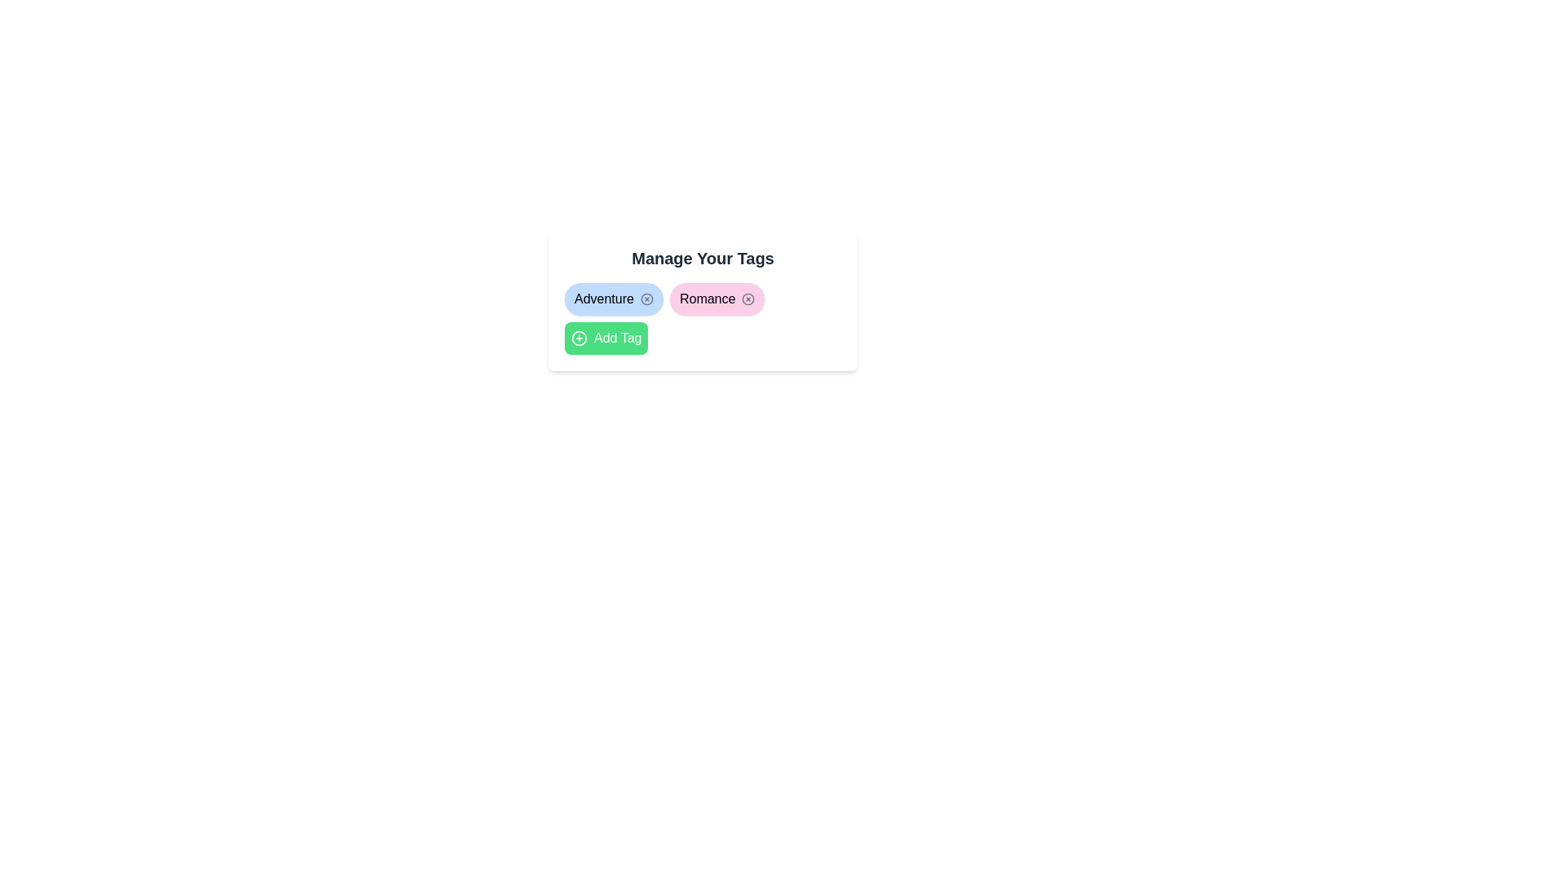 The height and width of the screenshot is (881, 1567). What do you see at coordinates (717, 299) in the screenshot?
I see `the tag Romance to observe its hover effect` at bounding box center [717, 299].